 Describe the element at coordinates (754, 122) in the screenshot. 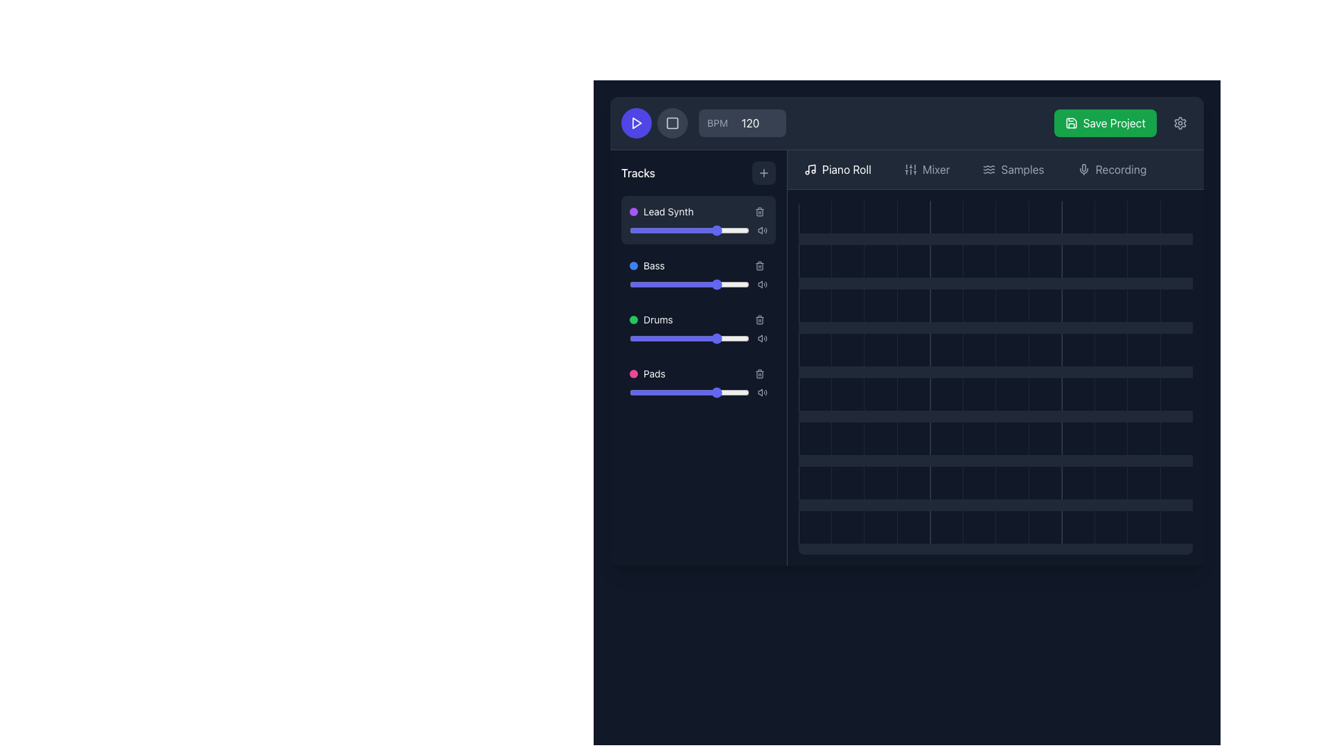

I see `the Number input field for BPM adjustment, located to the right of the 'BPM' label` at that location.